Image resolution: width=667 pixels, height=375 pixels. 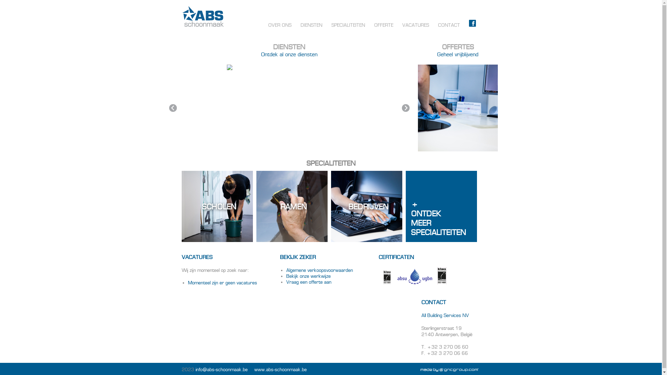 I want to click on 'Ramen', so click(x=292, y=206).